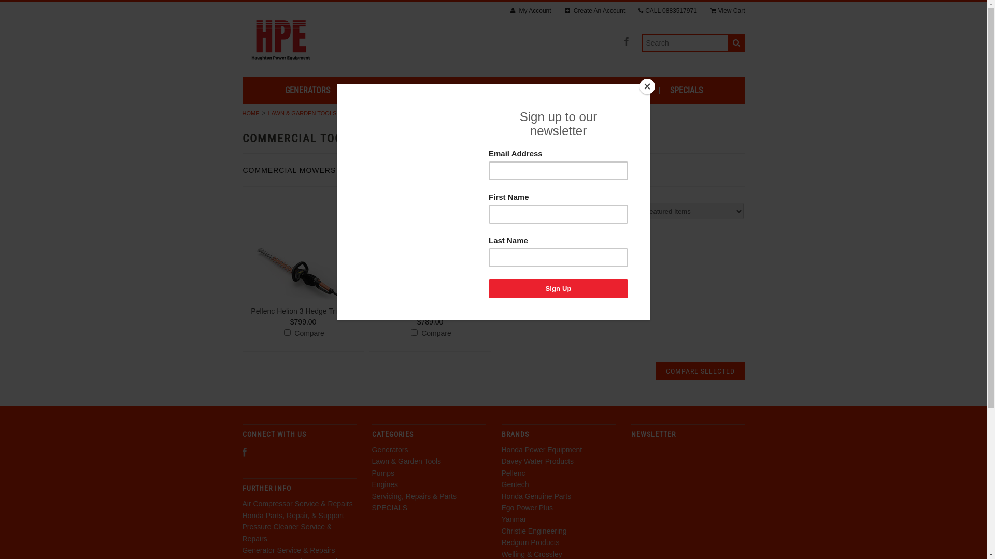 The image size is (995, 559). Describe the element at coordinates (301, 113) in the screenshot. I see `'LAWN & GARDEN TOOLS'` at that location.